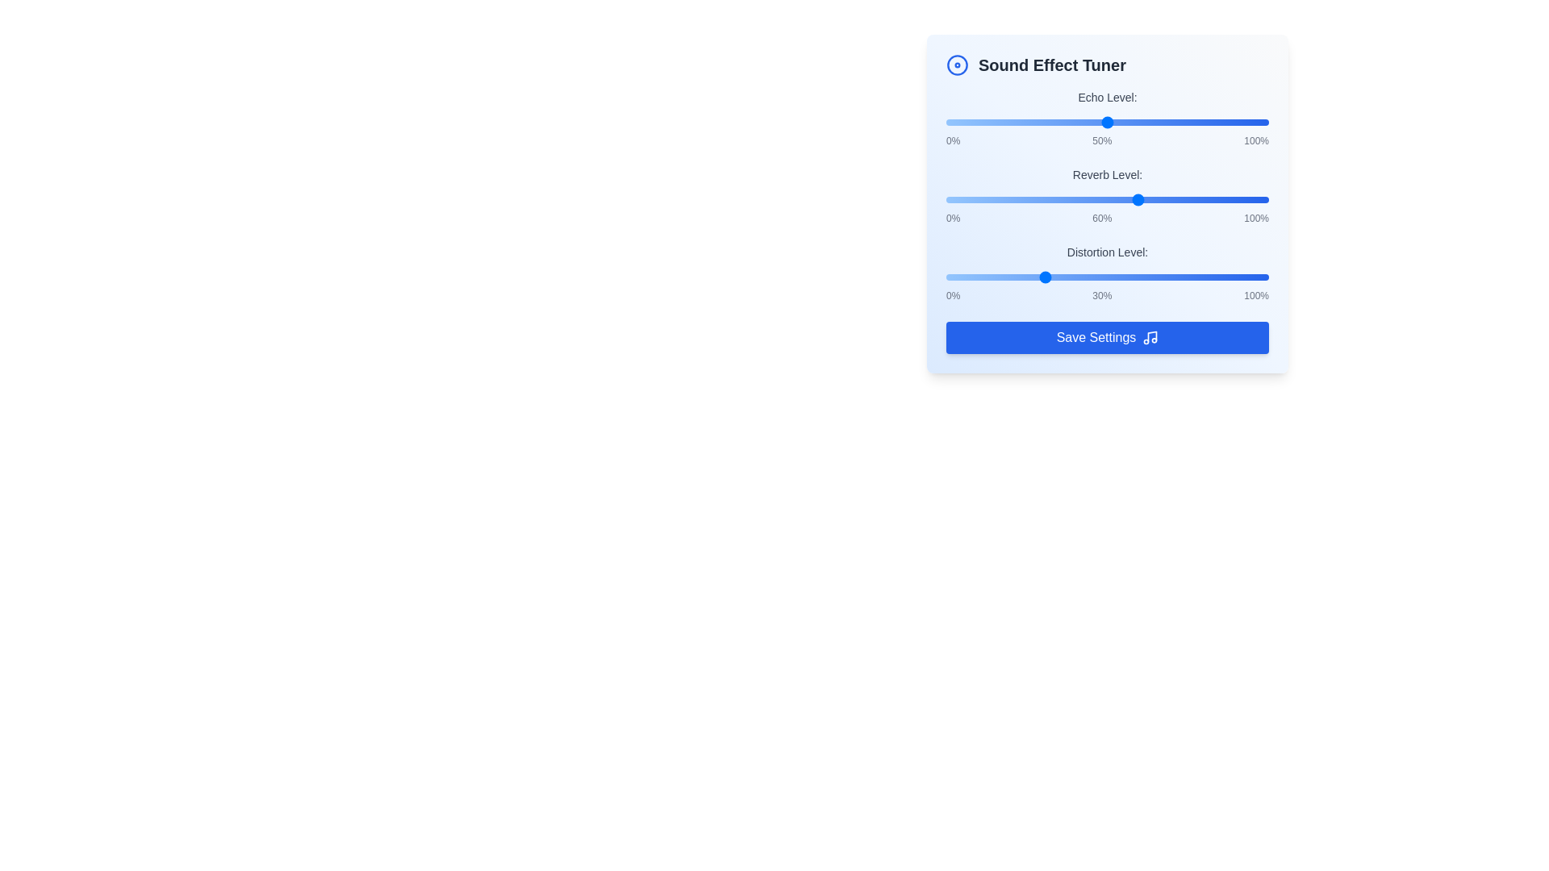  What do you see at coordinates (1100, 276) in the screenshot?
I see `the 'Distortion Level' slider to 48%` at bounding box center [1100, 276].